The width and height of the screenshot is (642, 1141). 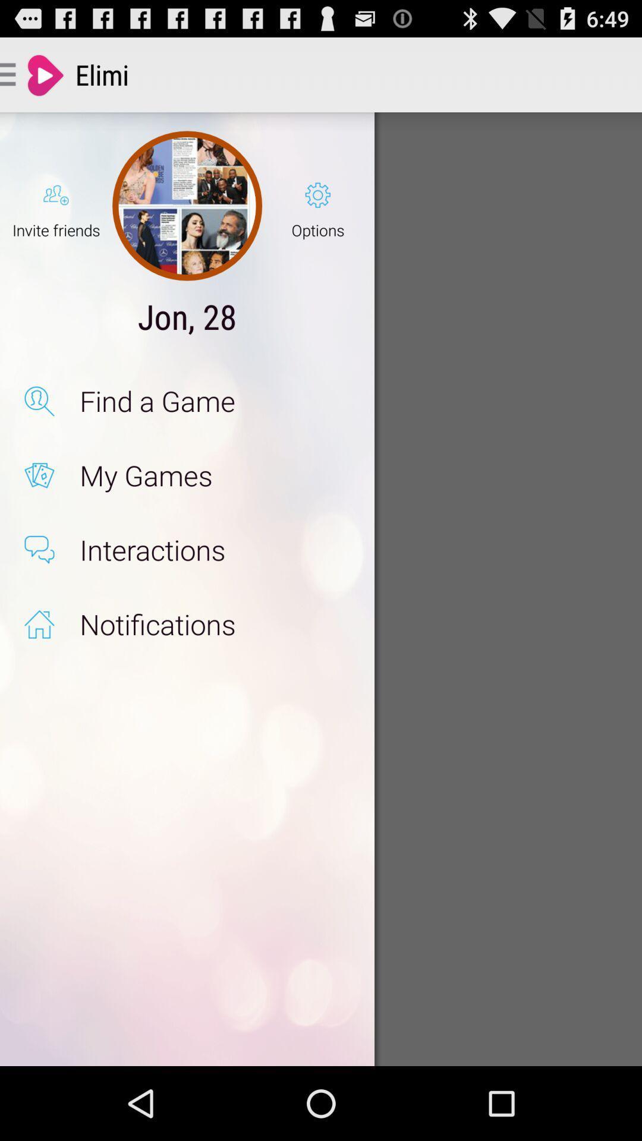 I want to click on the jon, 28 app, so click(x=187, y=316).